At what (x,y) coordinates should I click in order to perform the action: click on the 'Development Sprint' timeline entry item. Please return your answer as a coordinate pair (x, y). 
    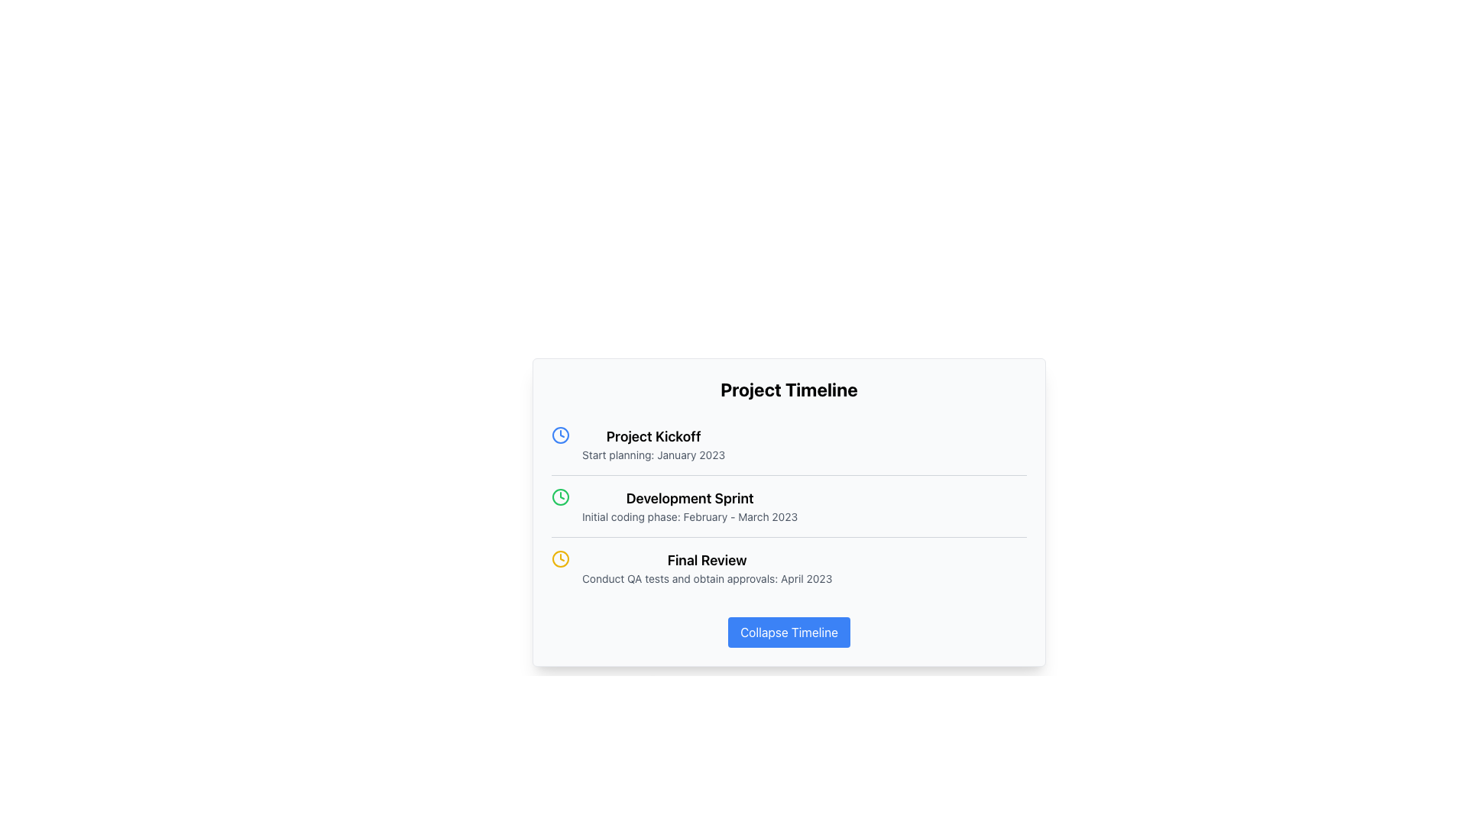
    Looking at the image, I should click on (789, 506).